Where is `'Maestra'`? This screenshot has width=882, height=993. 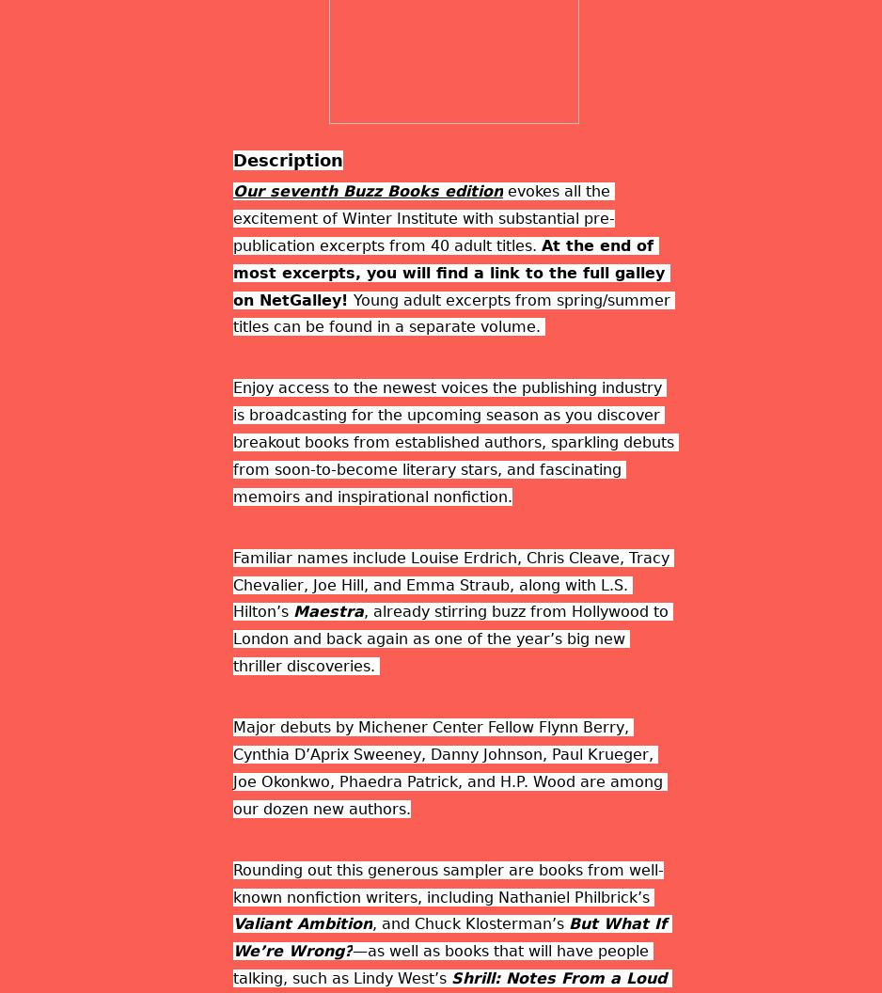
'Maestra' is located at coordinates (328, 610).